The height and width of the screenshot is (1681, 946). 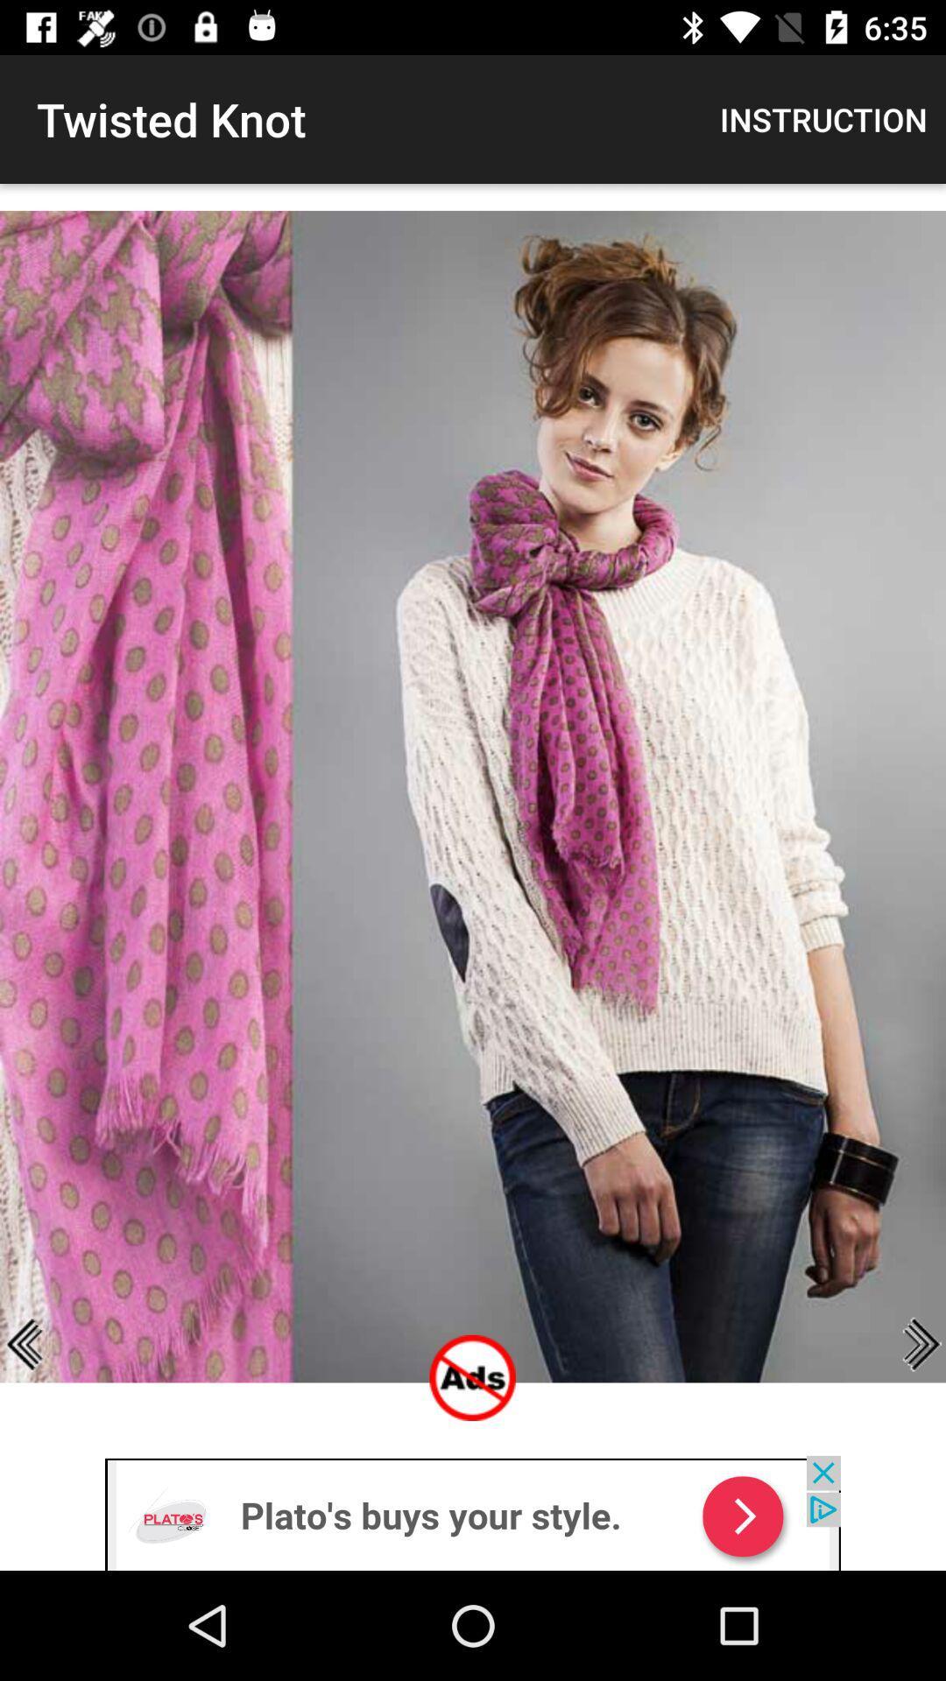 I want to click on the instruction at the top right corner, so click(x=823, y=118).